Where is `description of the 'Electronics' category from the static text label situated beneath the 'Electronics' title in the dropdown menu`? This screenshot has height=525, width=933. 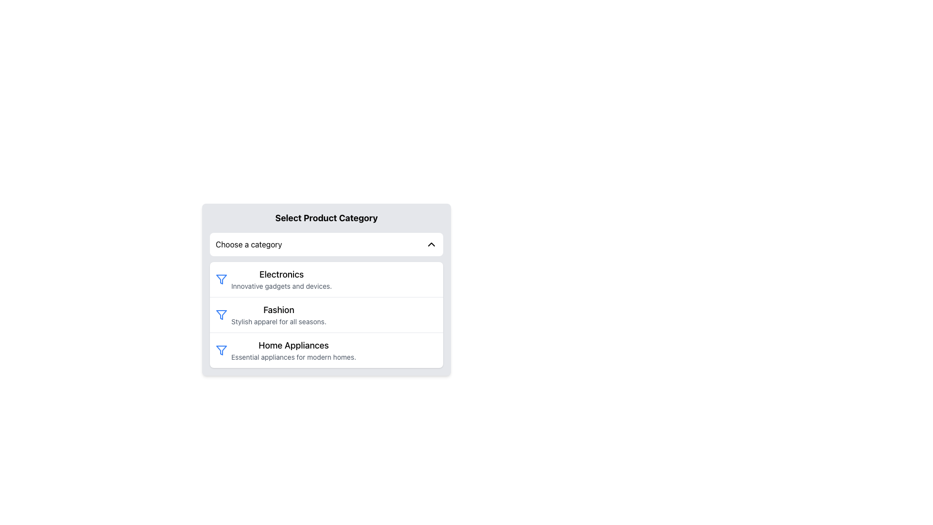
description of the 'Electronics' category from the static text label situated beneath the 'Electronics' title in the dropdown menu is located at coordinates (281, 286).